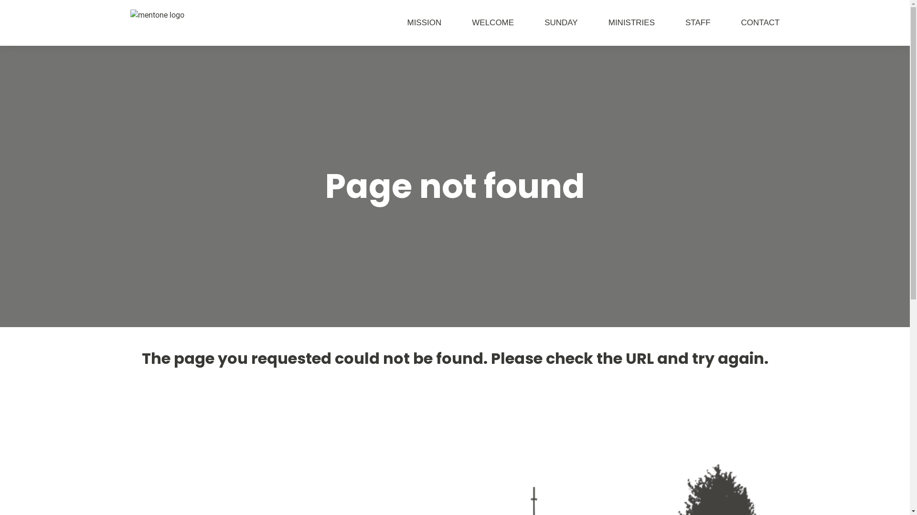 This screenshot has width=917, height=515. I want to click on 'SUNDAY', so click(545, 22).